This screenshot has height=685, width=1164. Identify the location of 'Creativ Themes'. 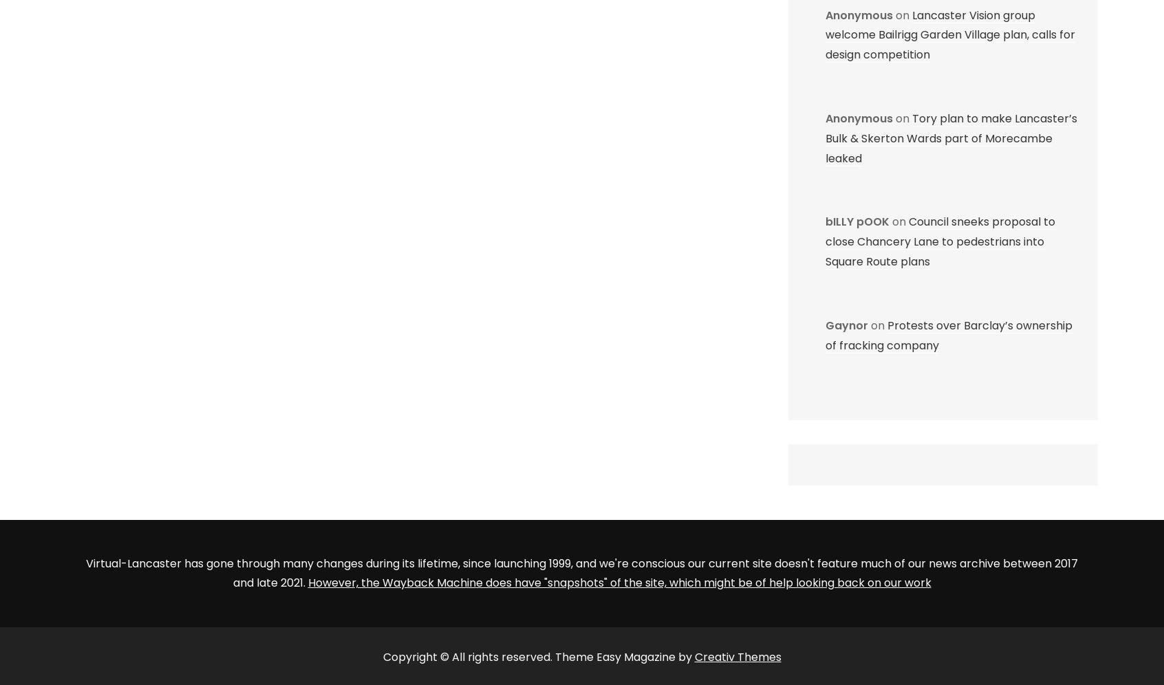
(737, 656).